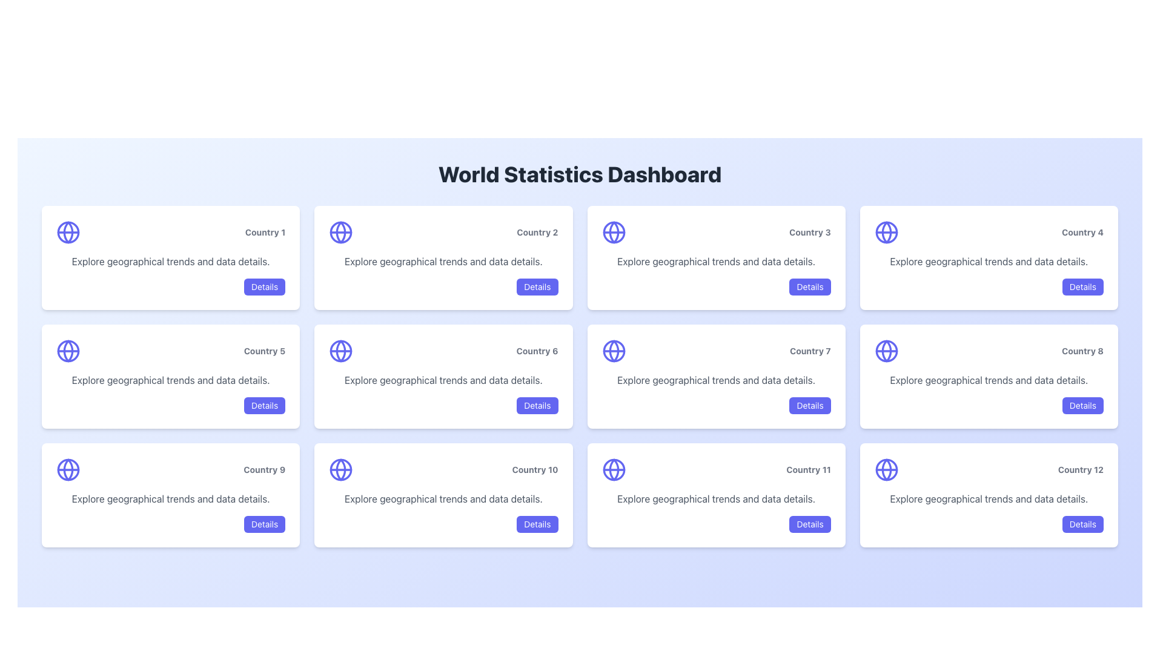 The width and height of the screenshot is (1163, 654). What do you see at coordinates (614, 351) in the screenshot?
I see `the circular SVG element that represents the central part of the globe icon in the 'Country 7' card layout within the 'World Statistics Dashboard'` at bounding box center [614, 351].